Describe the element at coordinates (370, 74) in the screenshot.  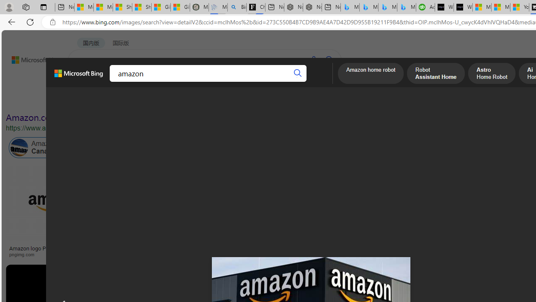
I see `'Amazon home robot'` at that location.